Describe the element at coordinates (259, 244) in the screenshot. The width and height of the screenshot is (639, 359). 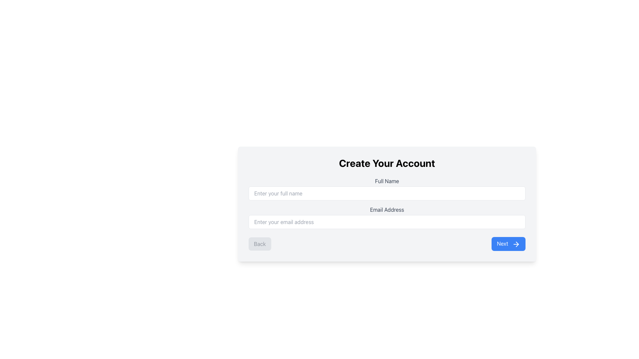
I see `the disabled navigation button located at the bottom left of the form, which is non-functional and positioned to the left of the 'Next' button` at that location.